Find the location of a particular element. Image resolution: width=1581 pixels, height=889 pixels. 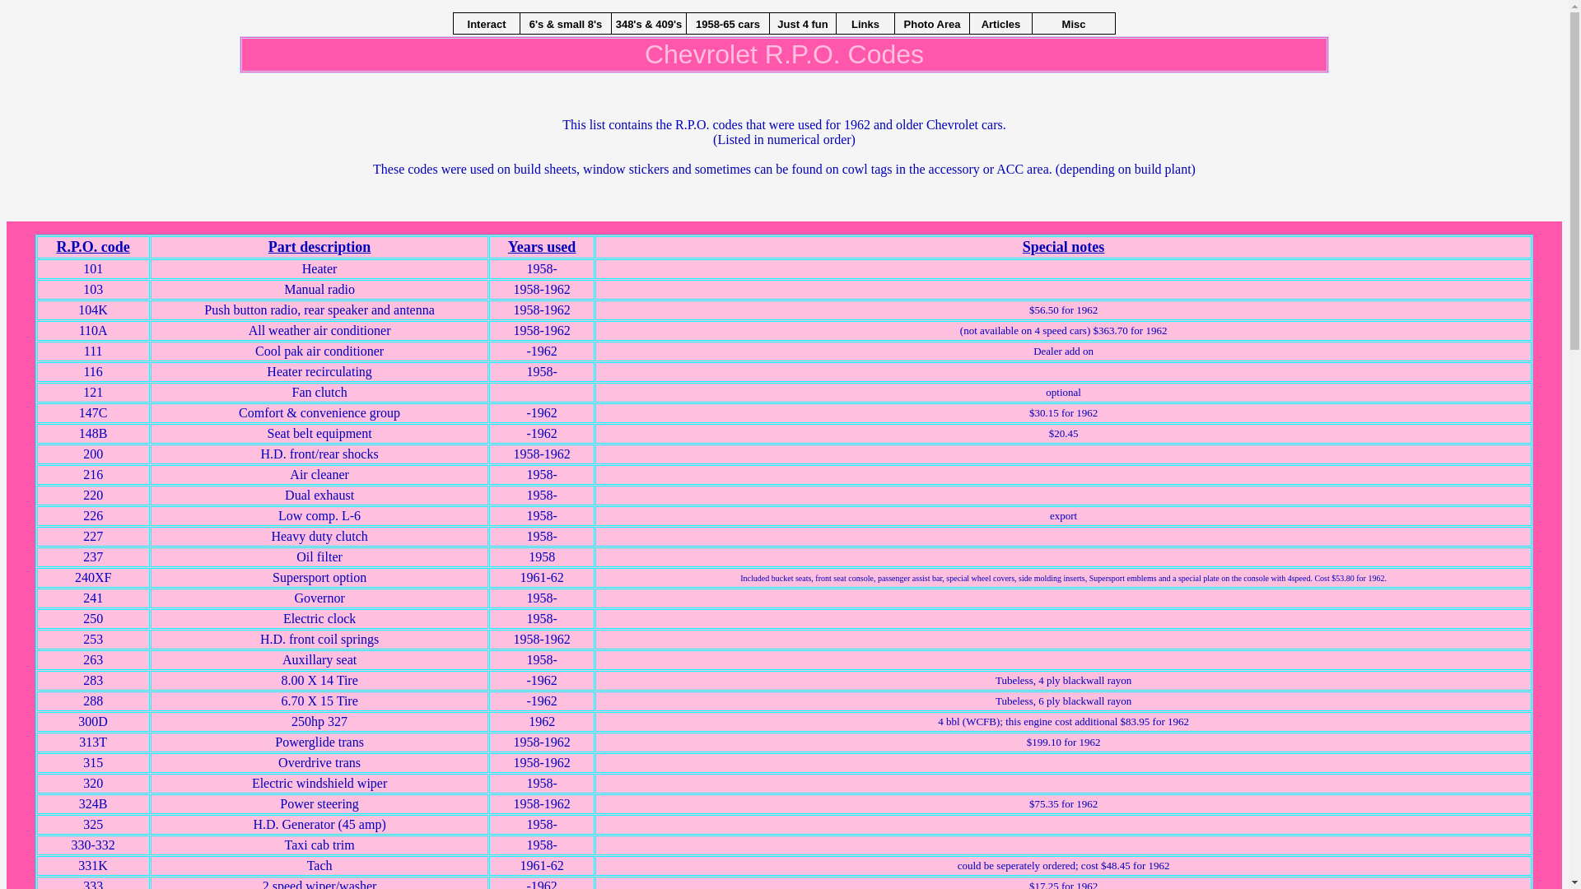

'Links' is located at coordinates (865, 23).